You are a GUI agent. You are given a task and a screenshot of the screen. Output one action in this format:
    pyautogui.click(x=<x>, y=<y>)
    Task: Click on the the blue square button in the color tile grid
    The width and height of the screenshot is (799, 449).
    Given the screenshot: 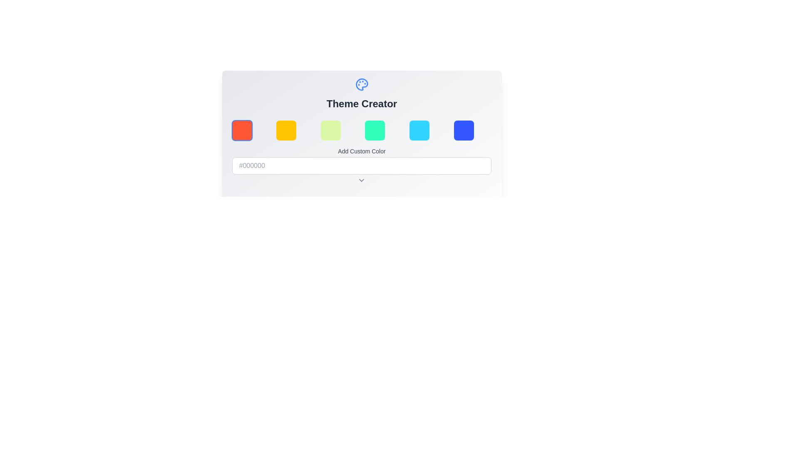 What is the action you would take?
    pyautogui.click(x=463, y=130)
    